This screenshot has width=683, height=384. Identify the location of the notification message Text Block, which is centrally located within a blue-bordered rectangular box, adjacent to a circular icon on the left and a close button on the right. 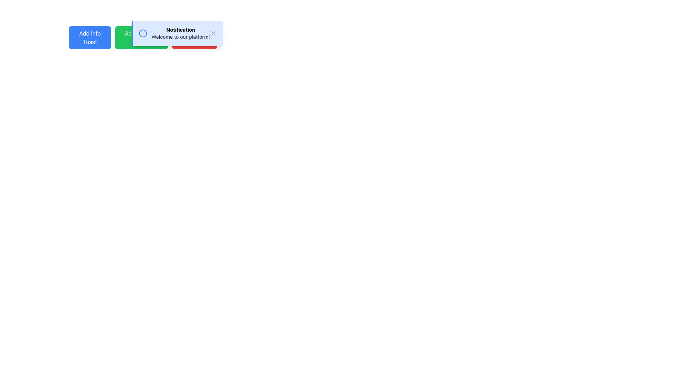
(180, 33).